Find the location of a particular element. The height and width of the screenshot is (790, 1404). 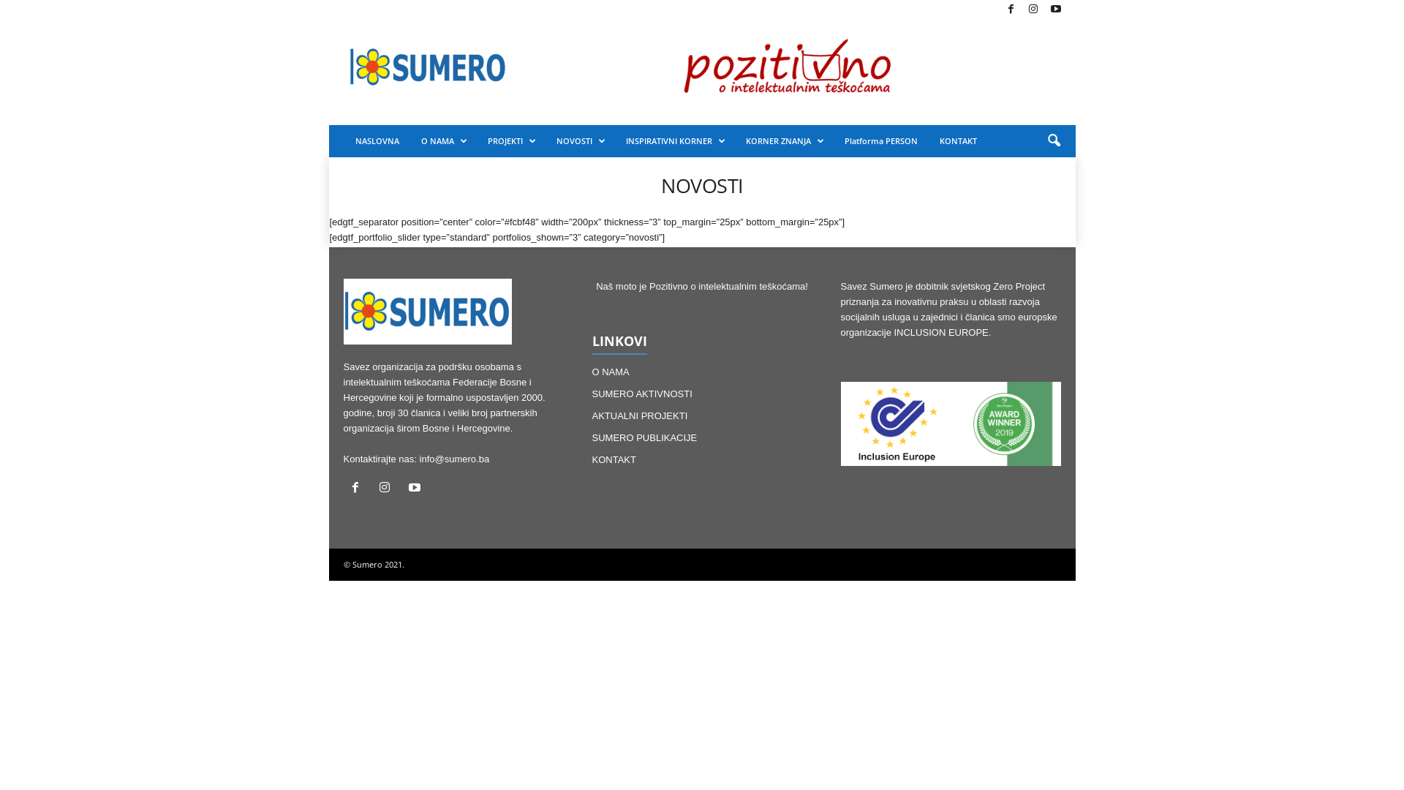

'Platforma PERSON' is located at coordinates (880, 140).